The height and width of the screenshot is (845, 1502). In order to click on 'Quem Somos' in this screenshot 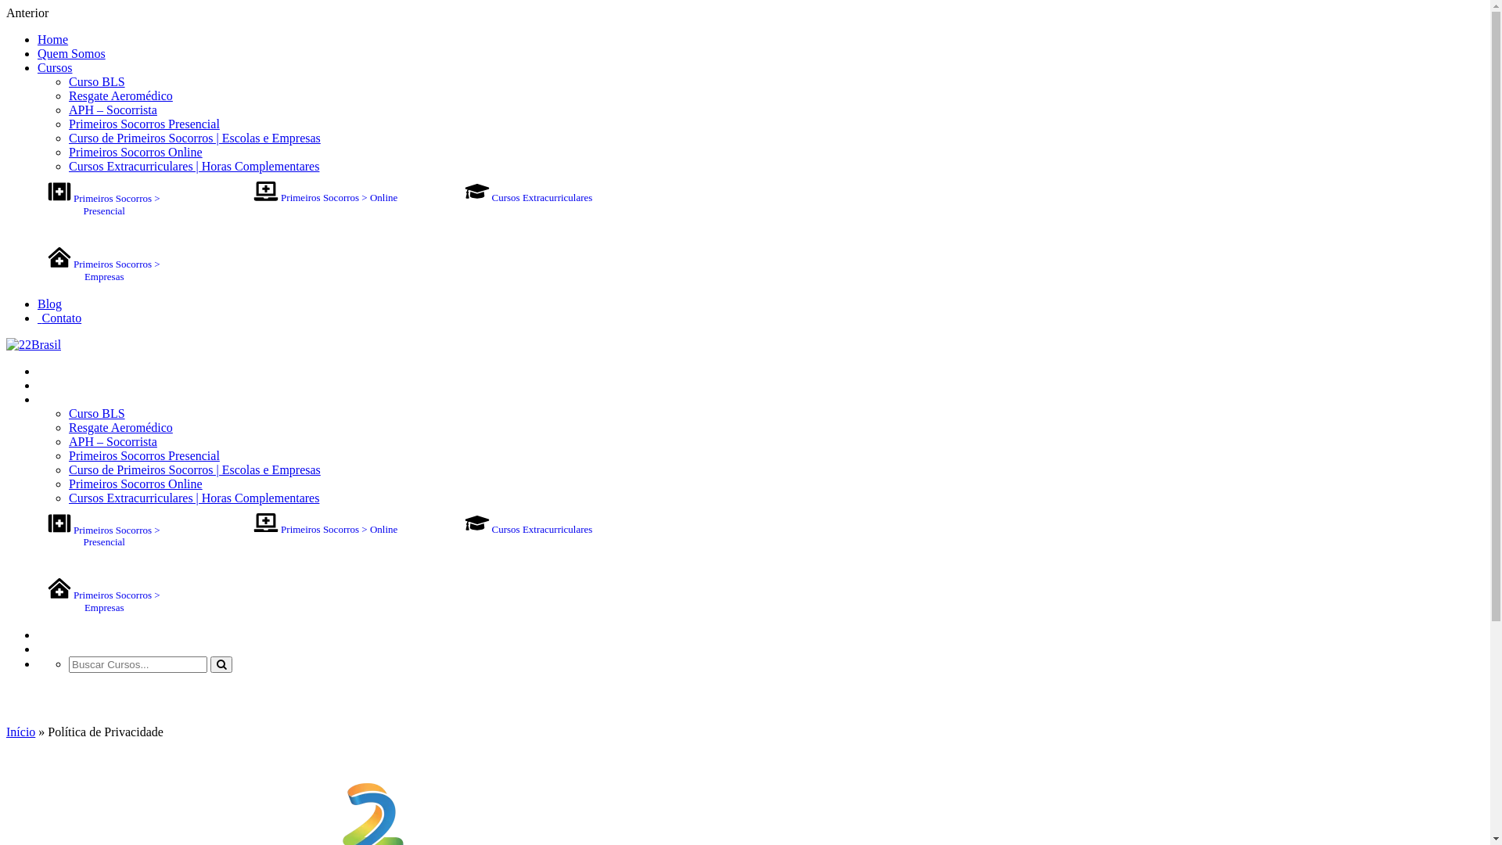, I will do `click(70, 52)`.